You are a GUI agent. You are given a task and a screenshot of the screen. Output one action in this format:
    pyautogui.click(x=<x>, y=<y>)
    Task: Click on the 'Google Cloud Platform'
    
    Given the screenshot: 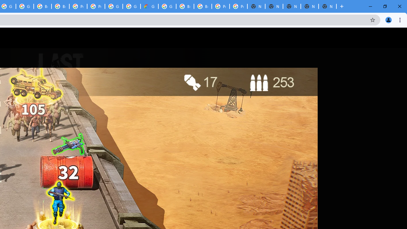 What is the action you would take?
    pyautogui.click(x=167, y=6)
    